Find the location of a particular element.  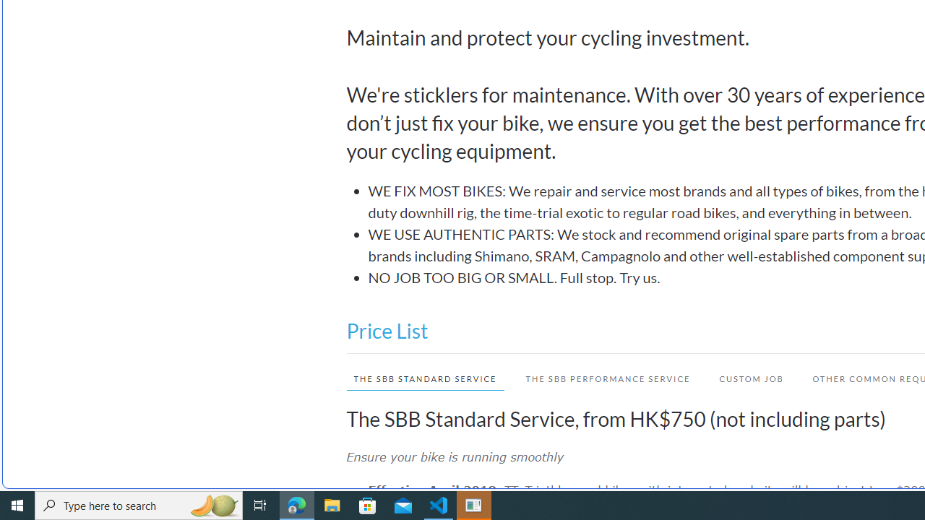

'THE SBB PERFORMANCE SERVICE' is located at coordinates (608, 378).